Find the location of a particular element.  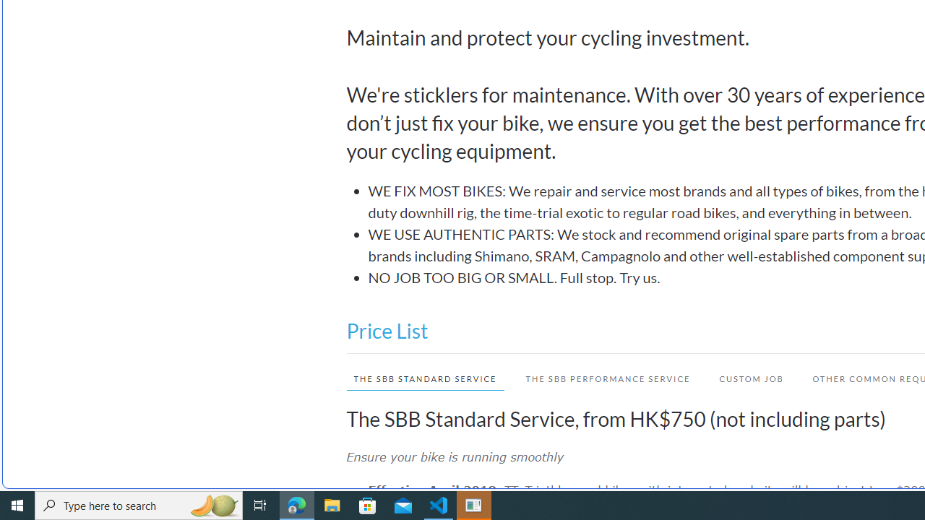

'THE SBB PERFORMANCE SERVICE' is located at coordinates (608, 378).